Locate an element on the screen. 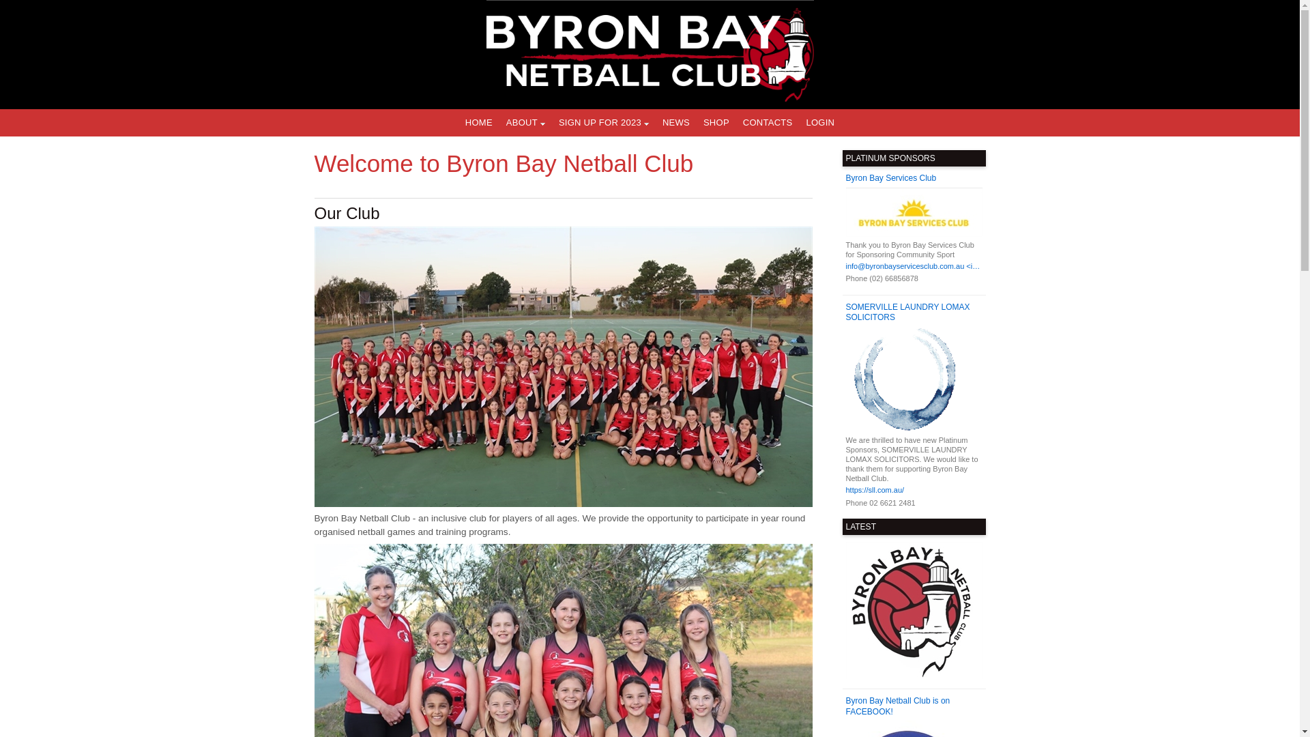 Image resolution: width=1310 pixels, height=737 pixels. 'ABOUT' is located at coordinates (525, 123).